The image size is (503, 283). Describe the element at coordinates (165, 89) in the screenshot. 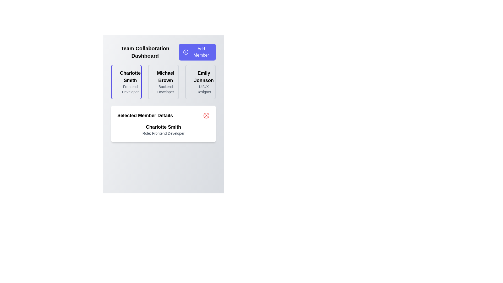

I see `the static text label indicating the role or position of user 'Michael Brown', which is located in the middle section of a horizontal layout of three profiles` at that location.